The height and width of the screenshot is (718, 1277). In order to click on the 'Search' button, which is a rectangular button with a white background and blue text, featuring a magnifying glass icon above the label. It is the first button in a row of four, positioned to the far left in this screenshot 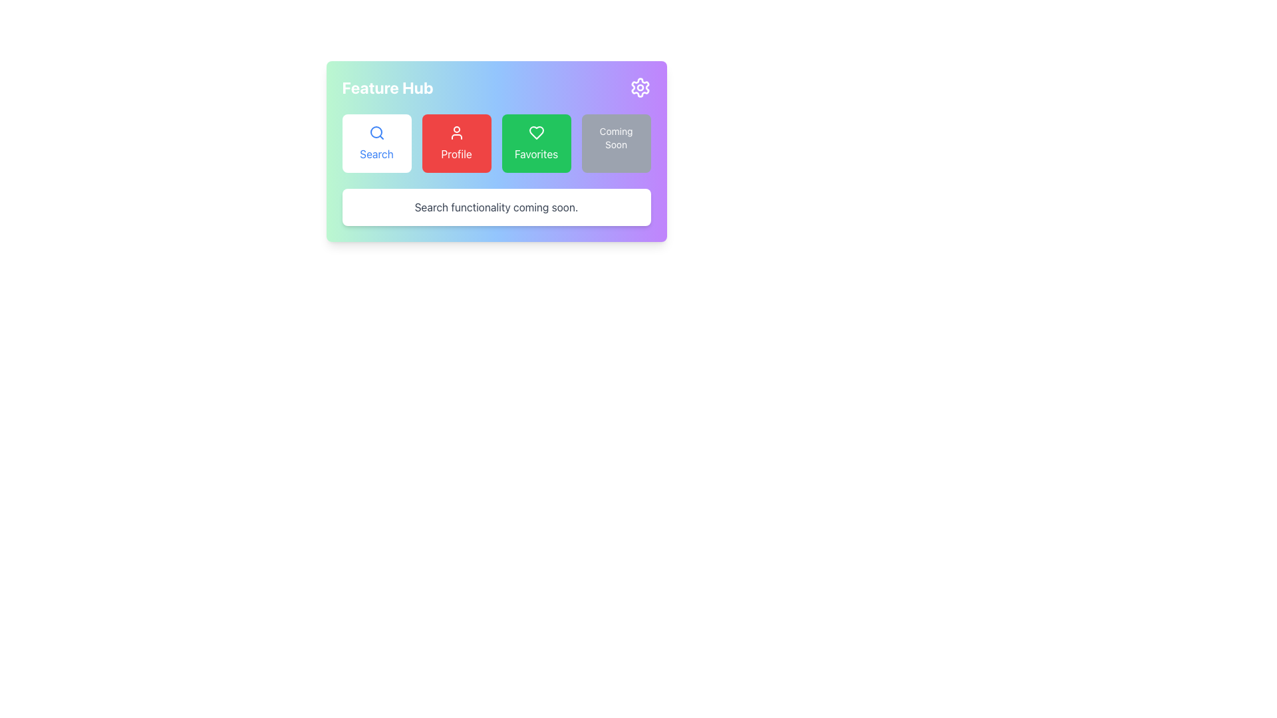, I will do `click(376, 144)`.